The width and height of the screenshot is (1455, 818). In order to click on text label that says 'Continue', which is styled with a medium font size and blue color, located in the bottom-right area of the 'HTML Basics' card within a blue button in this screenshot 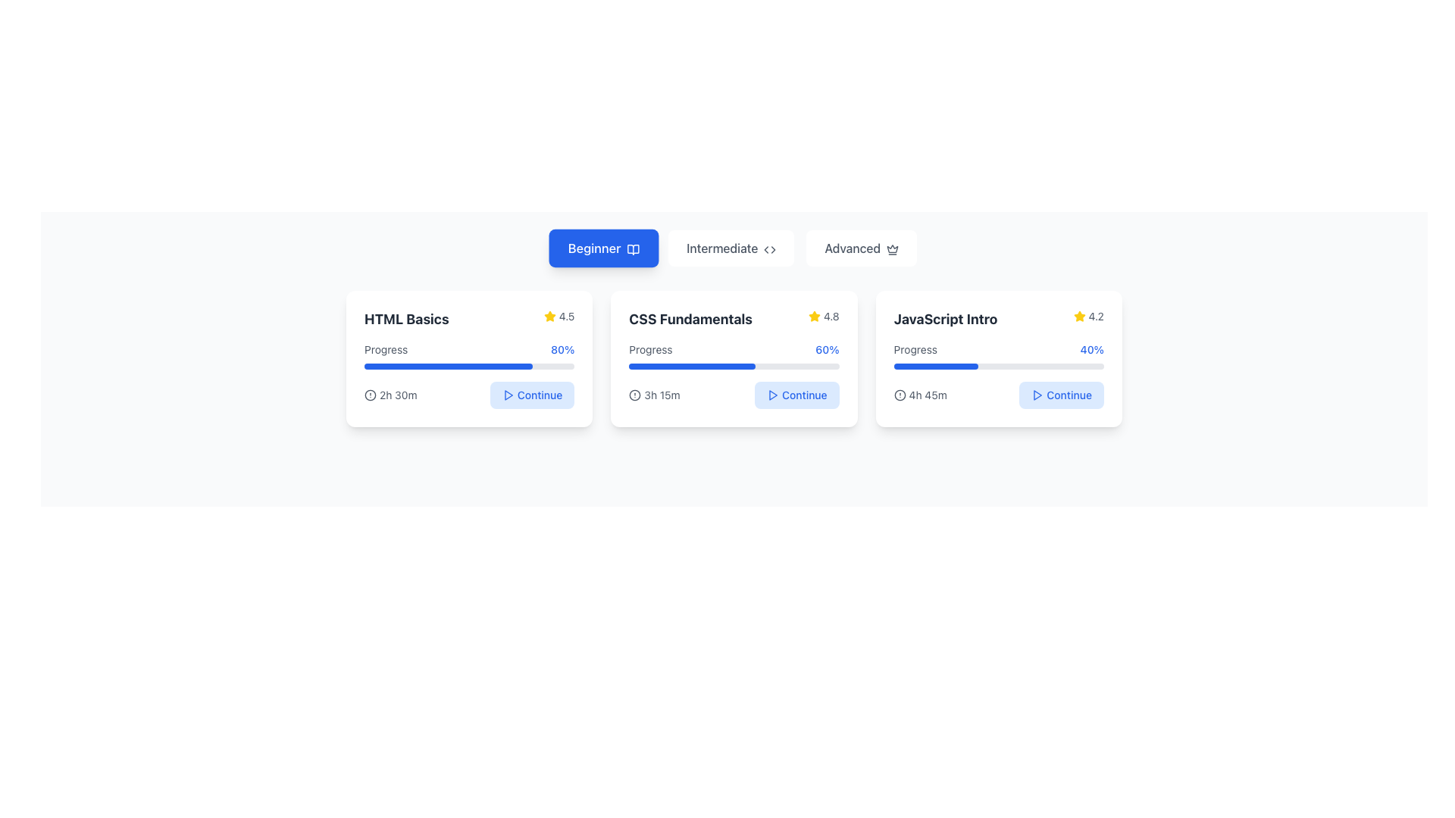, I will do `click(540, 394)`.